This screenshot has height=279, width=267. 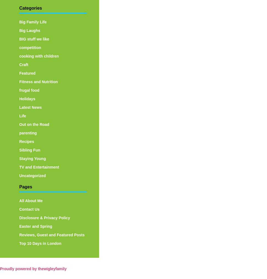 What do you see at coordinates (26, 141) in the screenshot?
I see `'Recipes'` at bounding box center [26, 141].